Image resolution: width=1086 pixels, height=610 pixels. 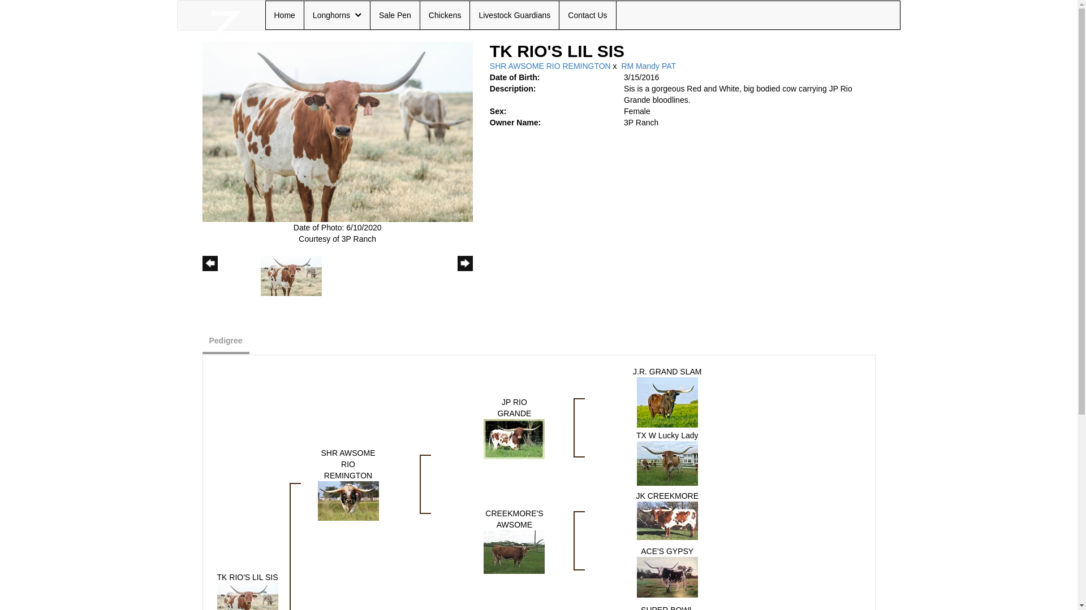 I want to click on '>', so click(x=465, y=274).